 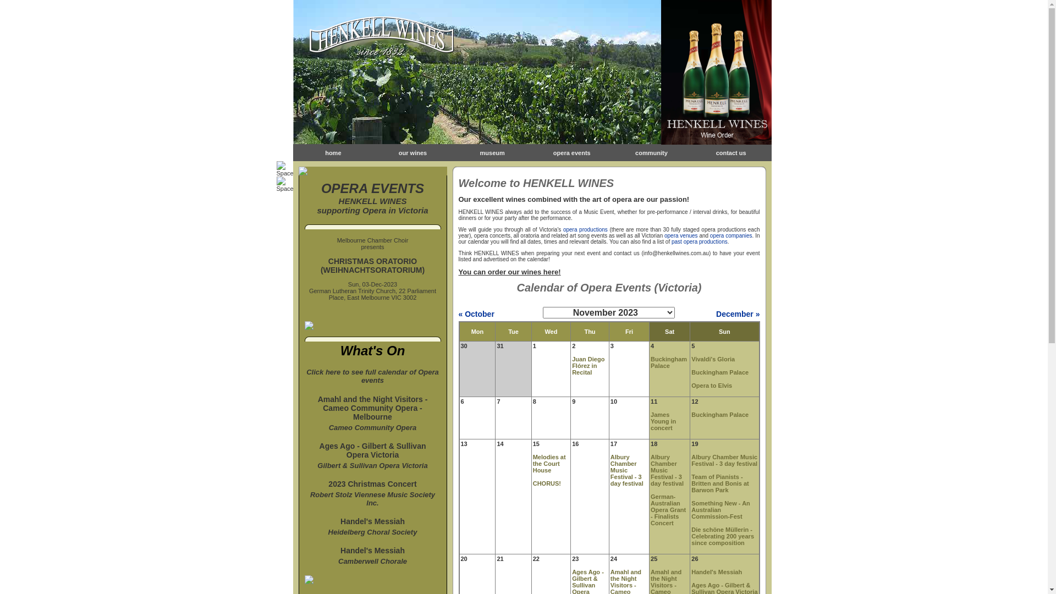 What do you see at coordinates (720, 483) in the screenshot?
I see `'Team of Pianists - Britten and Bonis at Barwon Park'` at bounding box center [720, 483].